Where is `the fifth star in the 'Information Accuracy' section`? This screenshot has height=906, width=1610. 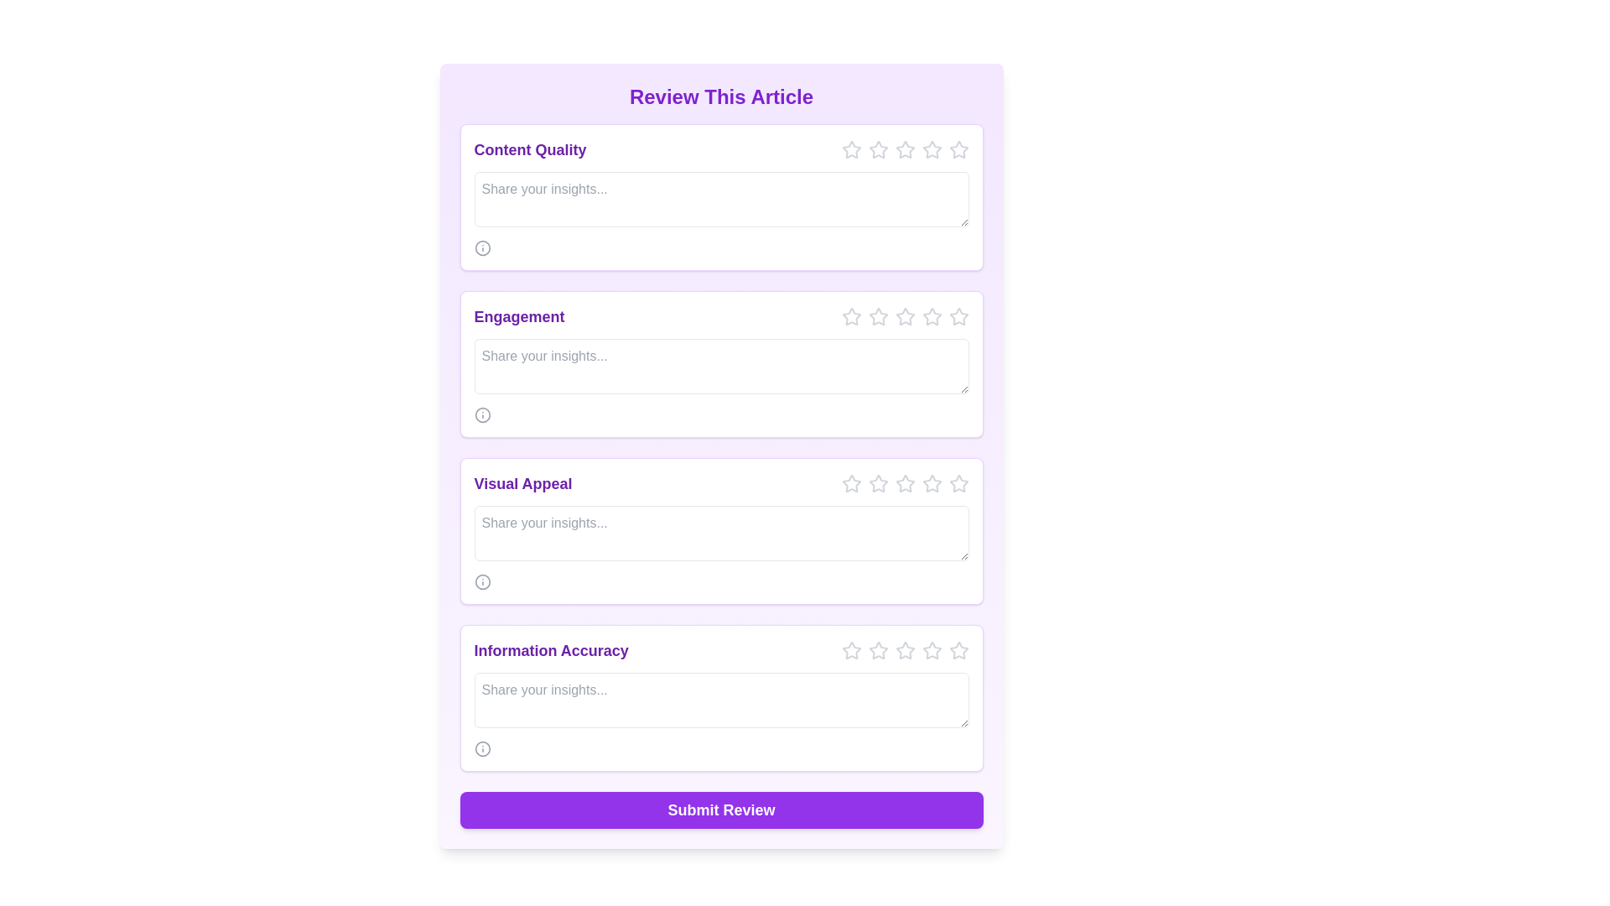
the fifth star in the 'Information Accuracy' section is located at coordinates (930, 649).